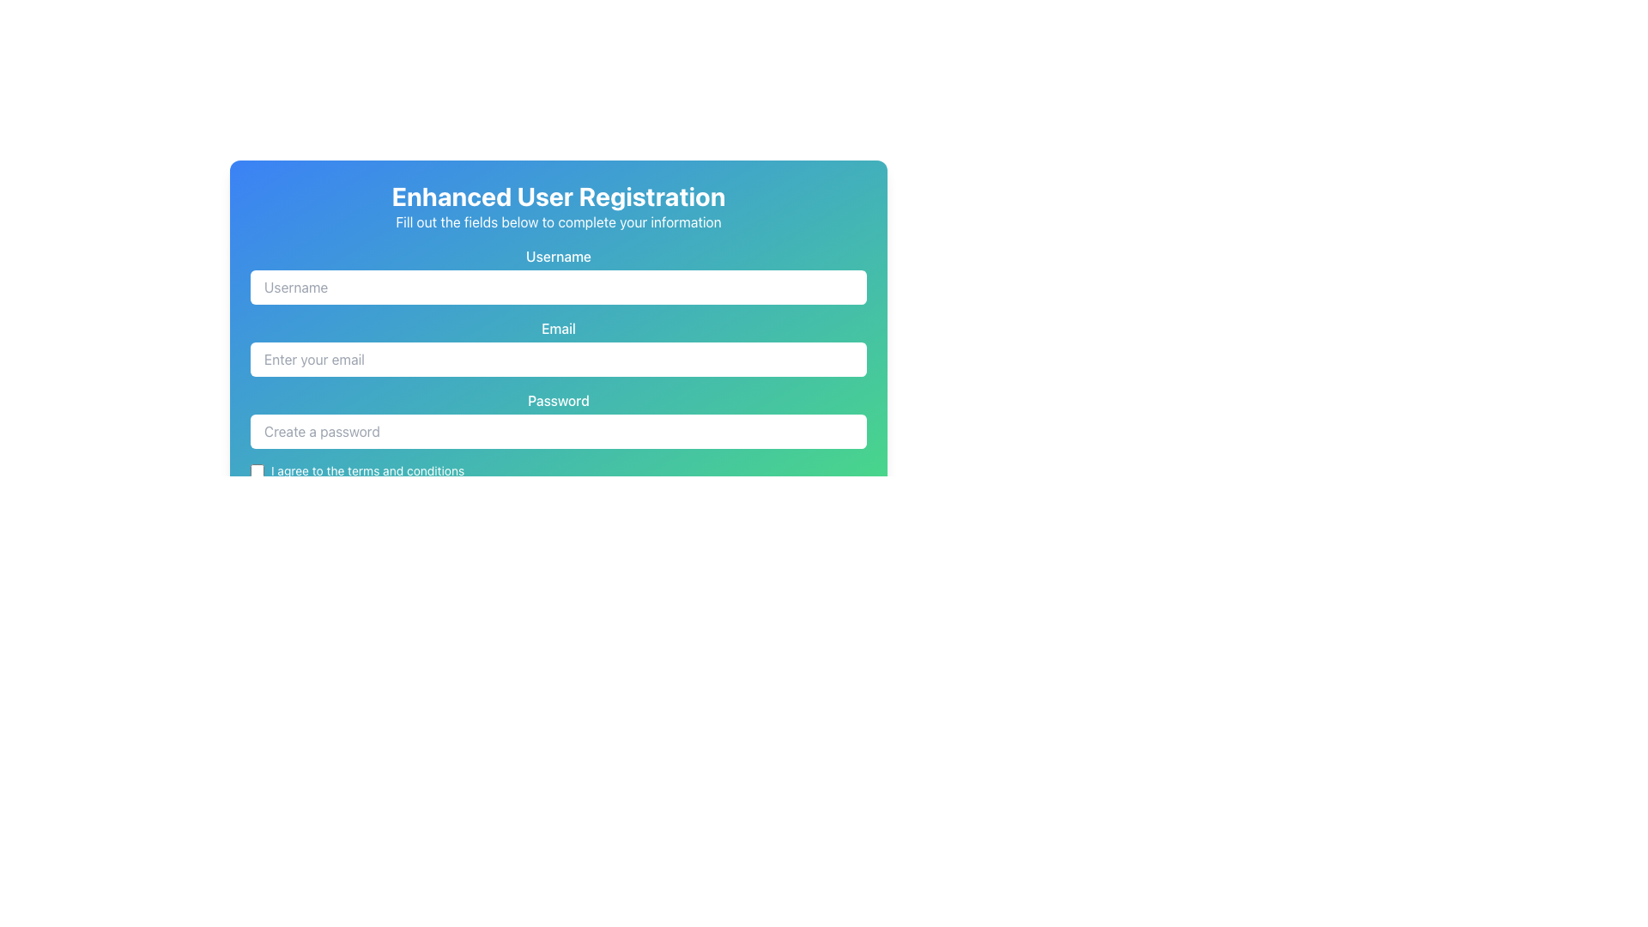  What do you see at coordinates (559, 359) in the screenshot?
I see `the email input field in the 'Enhanced User Registration' form by tabbing to it` at bounding box center [559, 359].